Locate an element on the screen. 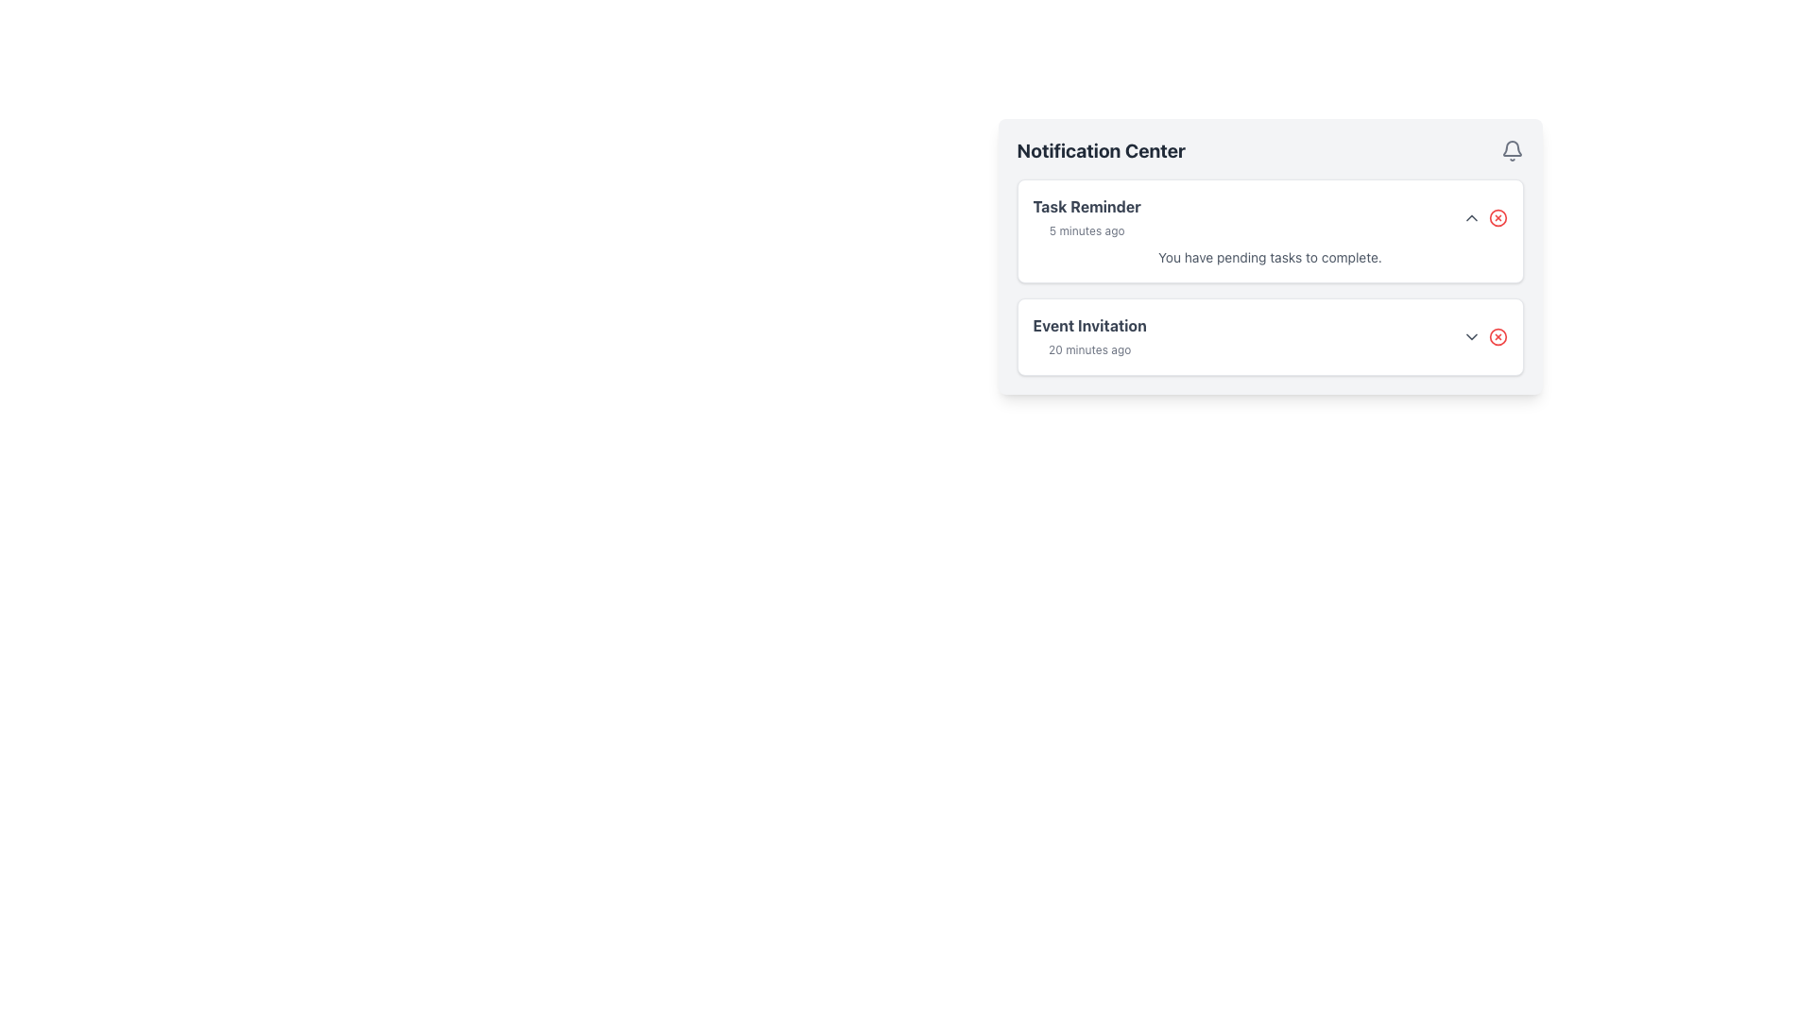 Image resolution: width=1814 pixels, height=1020 pixels. the 'Task Reminder' entry in the List of Notification Cards is located at coordinates (1270, 277).